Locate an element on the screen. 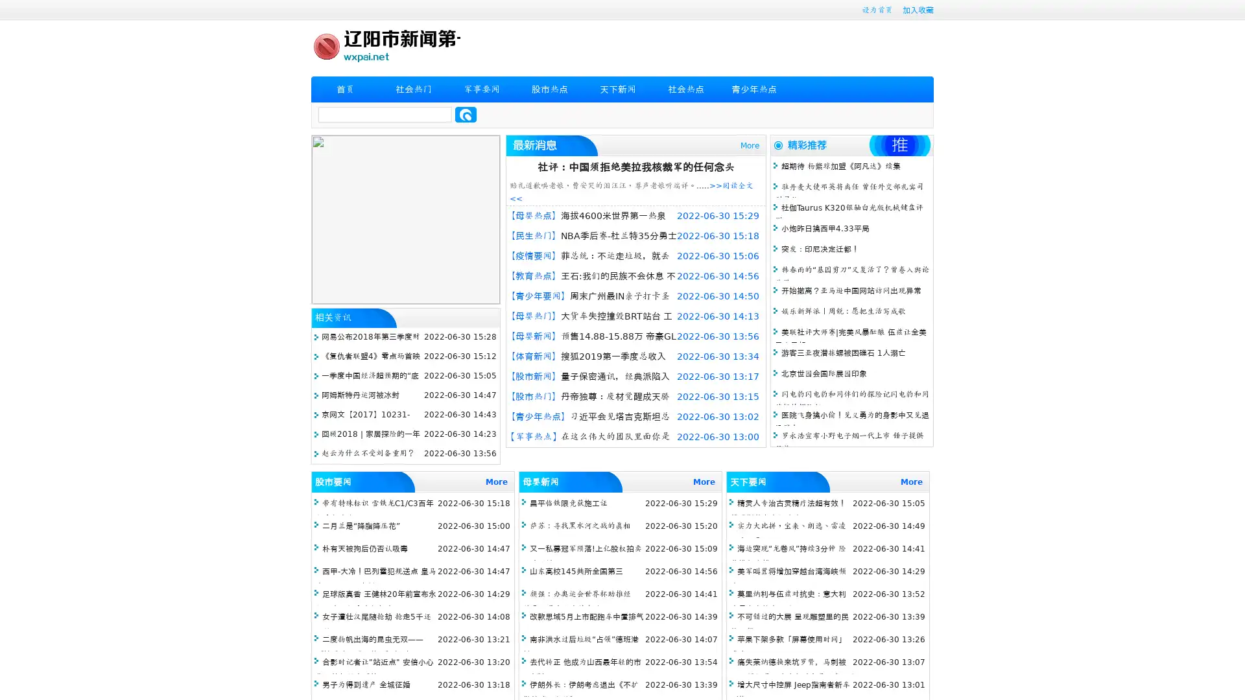 This screenshot has width=1245, height=700. Search is located at coordinates (466, 114).